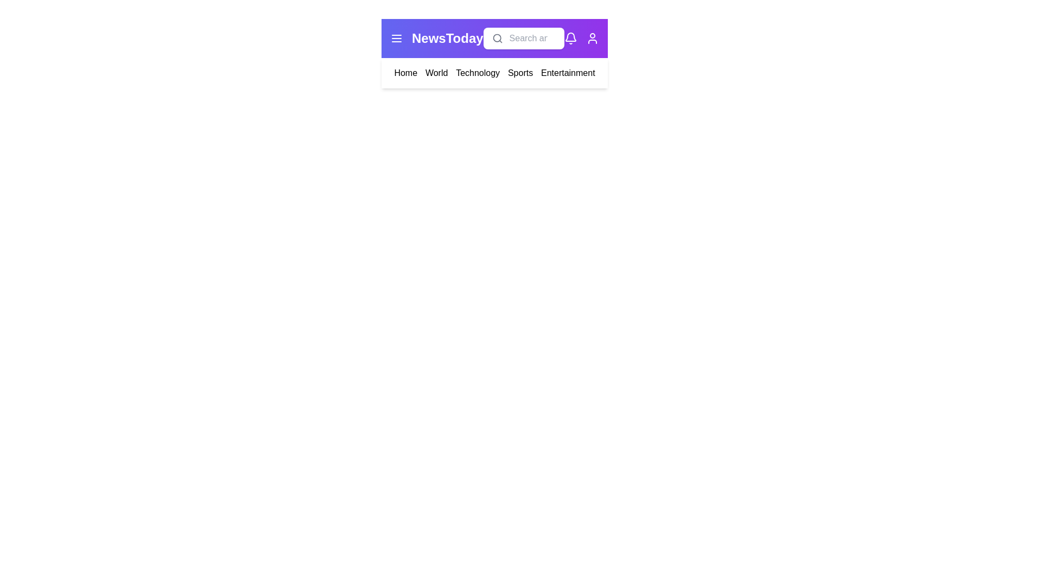 The width and height of the screenshot is (1042, 586). Describe the element at coordinates (436, 73) in the screenshot. I see `the navigation link for World` at that location.